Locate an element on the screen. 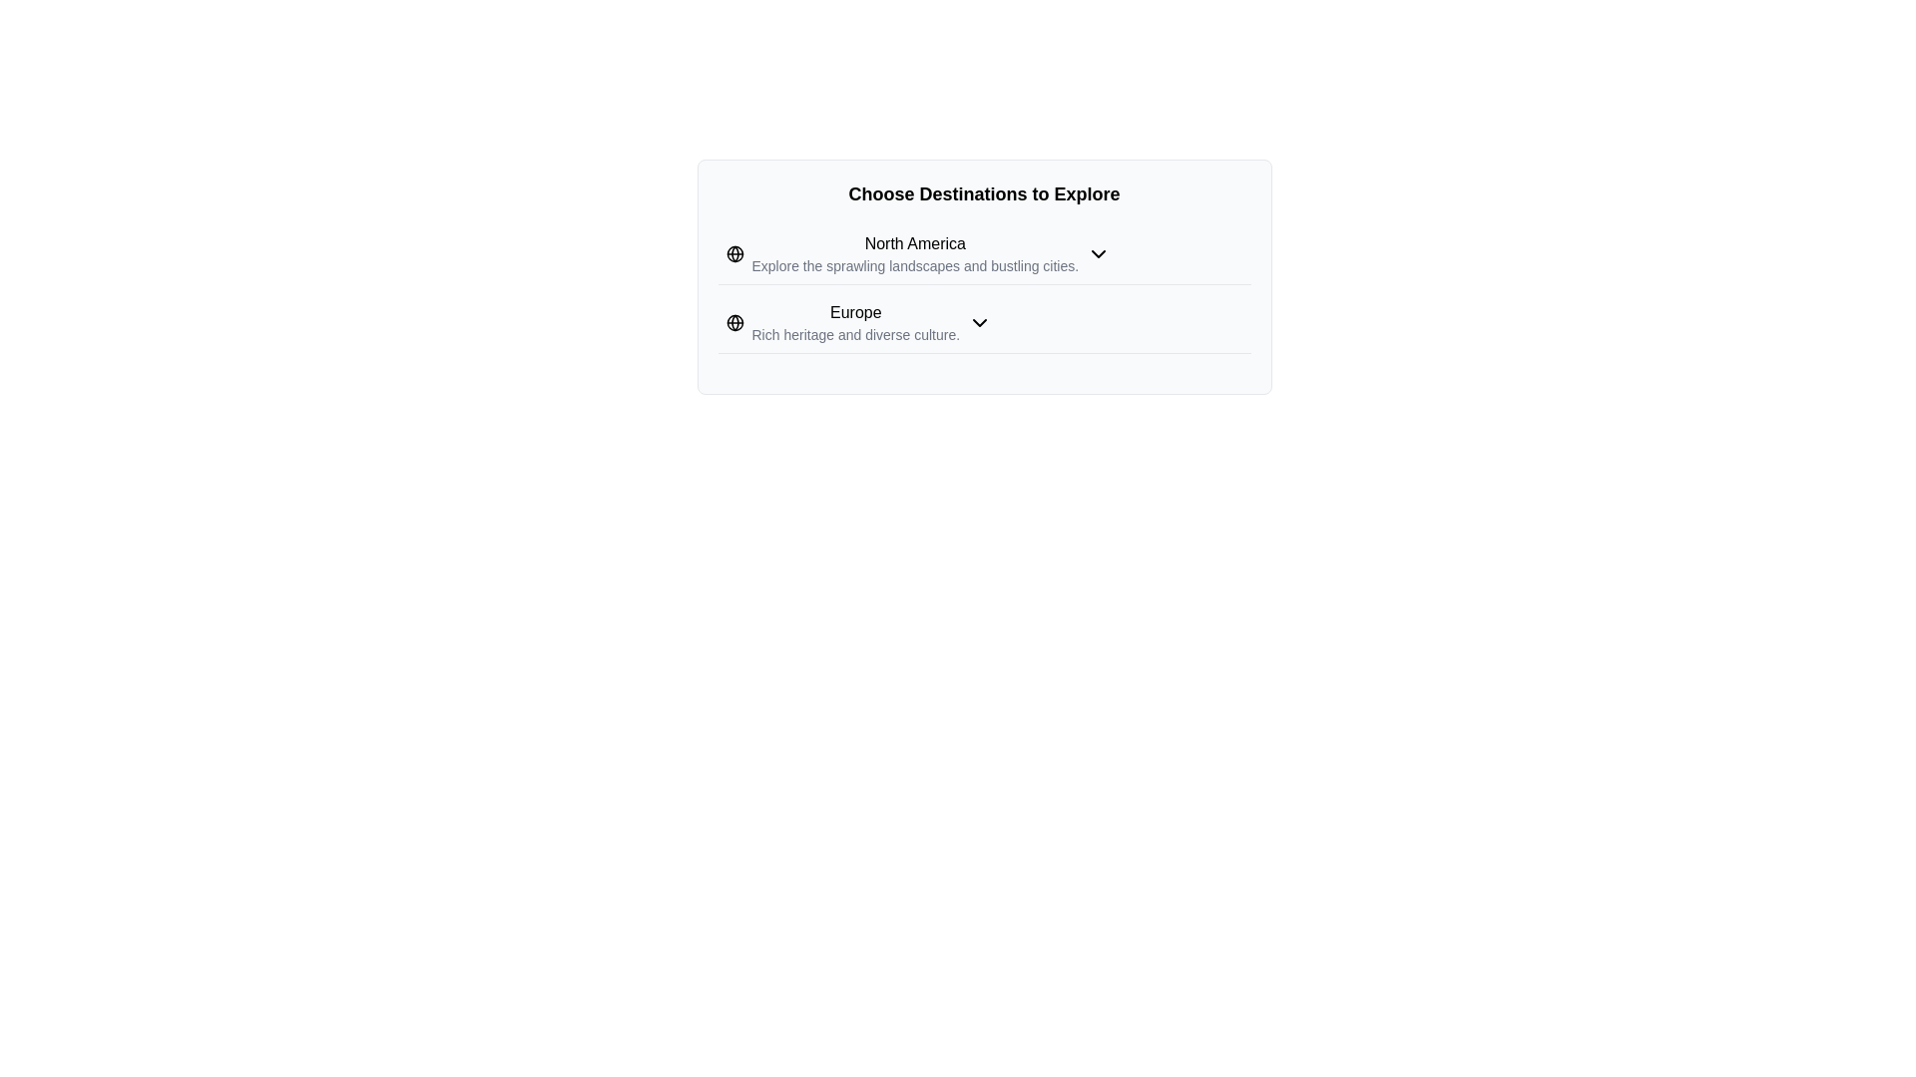 Image resolution: width=1916 pixels, height=1077 pixels. the text block that provides information about the 'North America' destination, which is the first item under the heading 'Choose Destinations is located at coordinates (914, 252).